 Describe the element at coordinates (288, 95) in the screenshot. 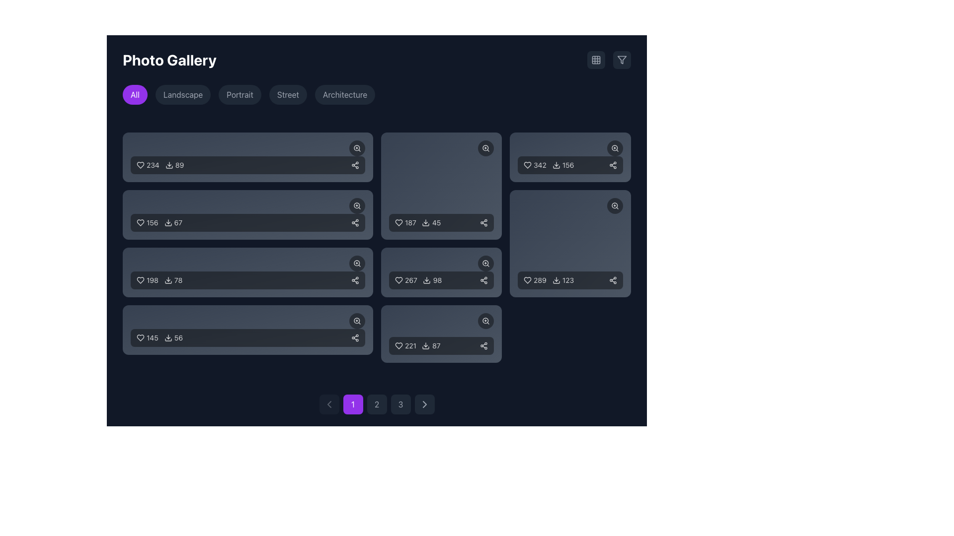

I see `the 'Street' button to filter the photo gallery by the 'Street' category, located below the 'Photo Gallery' heading` at that location.